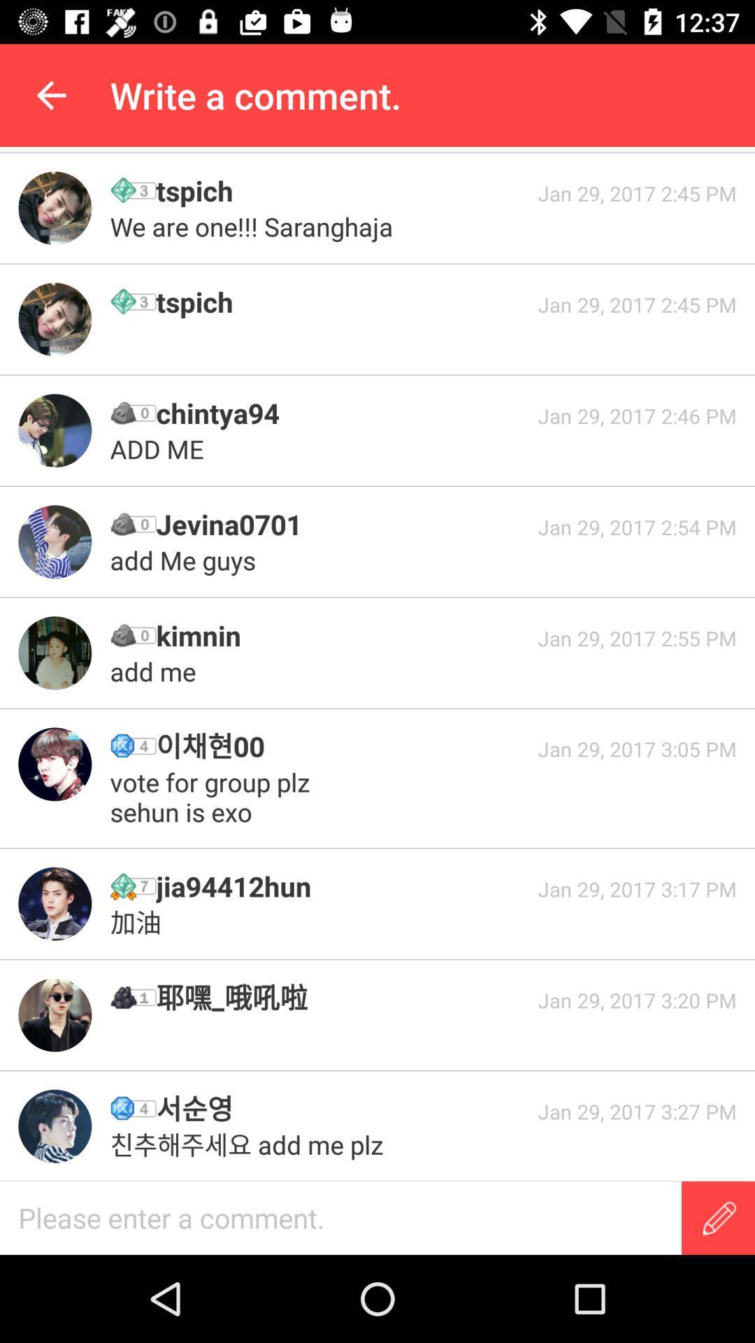 This screenshot has height=1343, width=755. Describe the element at coordinates (50, 94) in the screenshot. I see `the app to the left of the write a comment. app` at that location.